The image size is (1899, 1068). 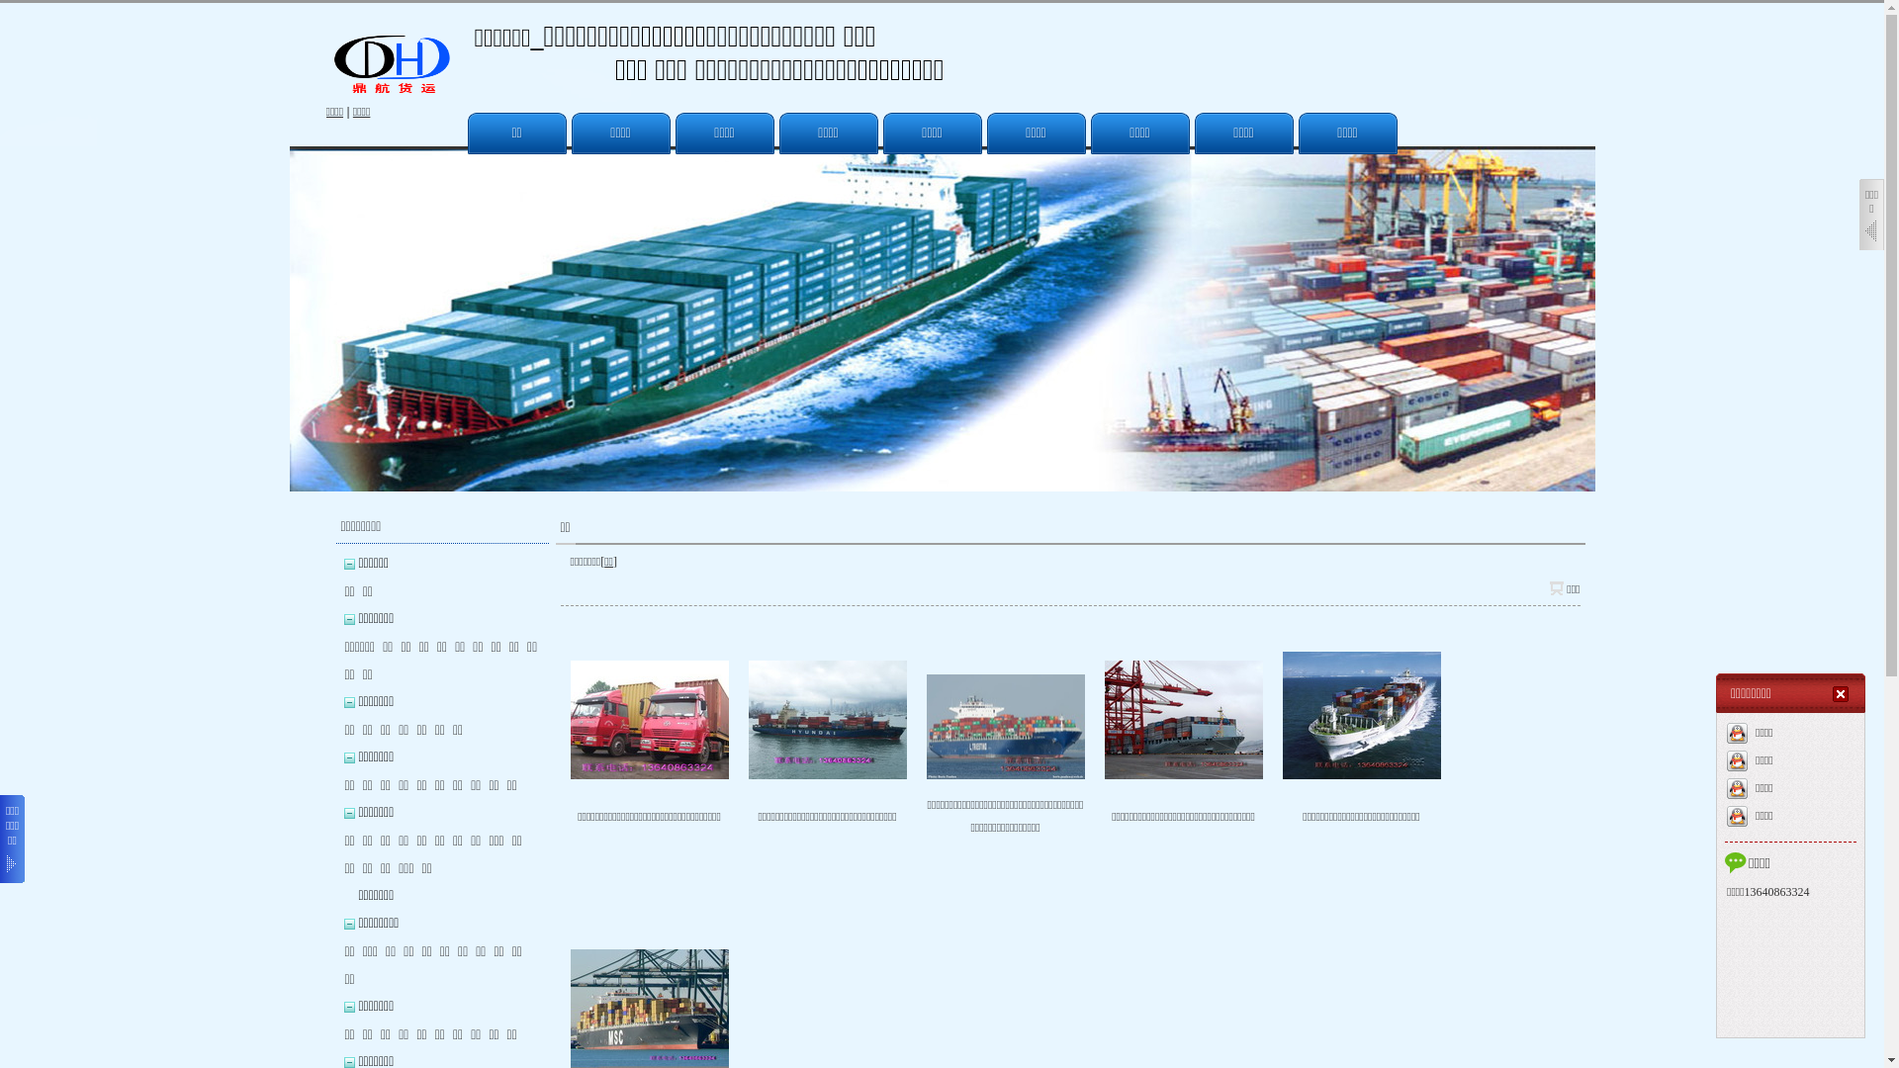 What do you see at coordinates (346, 111) in the screenshot?
I see `'|'` at bounding box center [346, 111].